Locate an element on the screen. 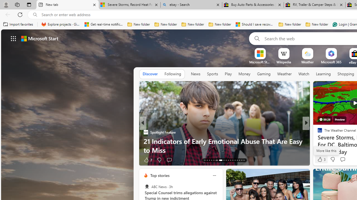 The image size is (357, 200). 'Should I save recovered Word documents? - Microsoft Support' is located at coordinates (254, 24).